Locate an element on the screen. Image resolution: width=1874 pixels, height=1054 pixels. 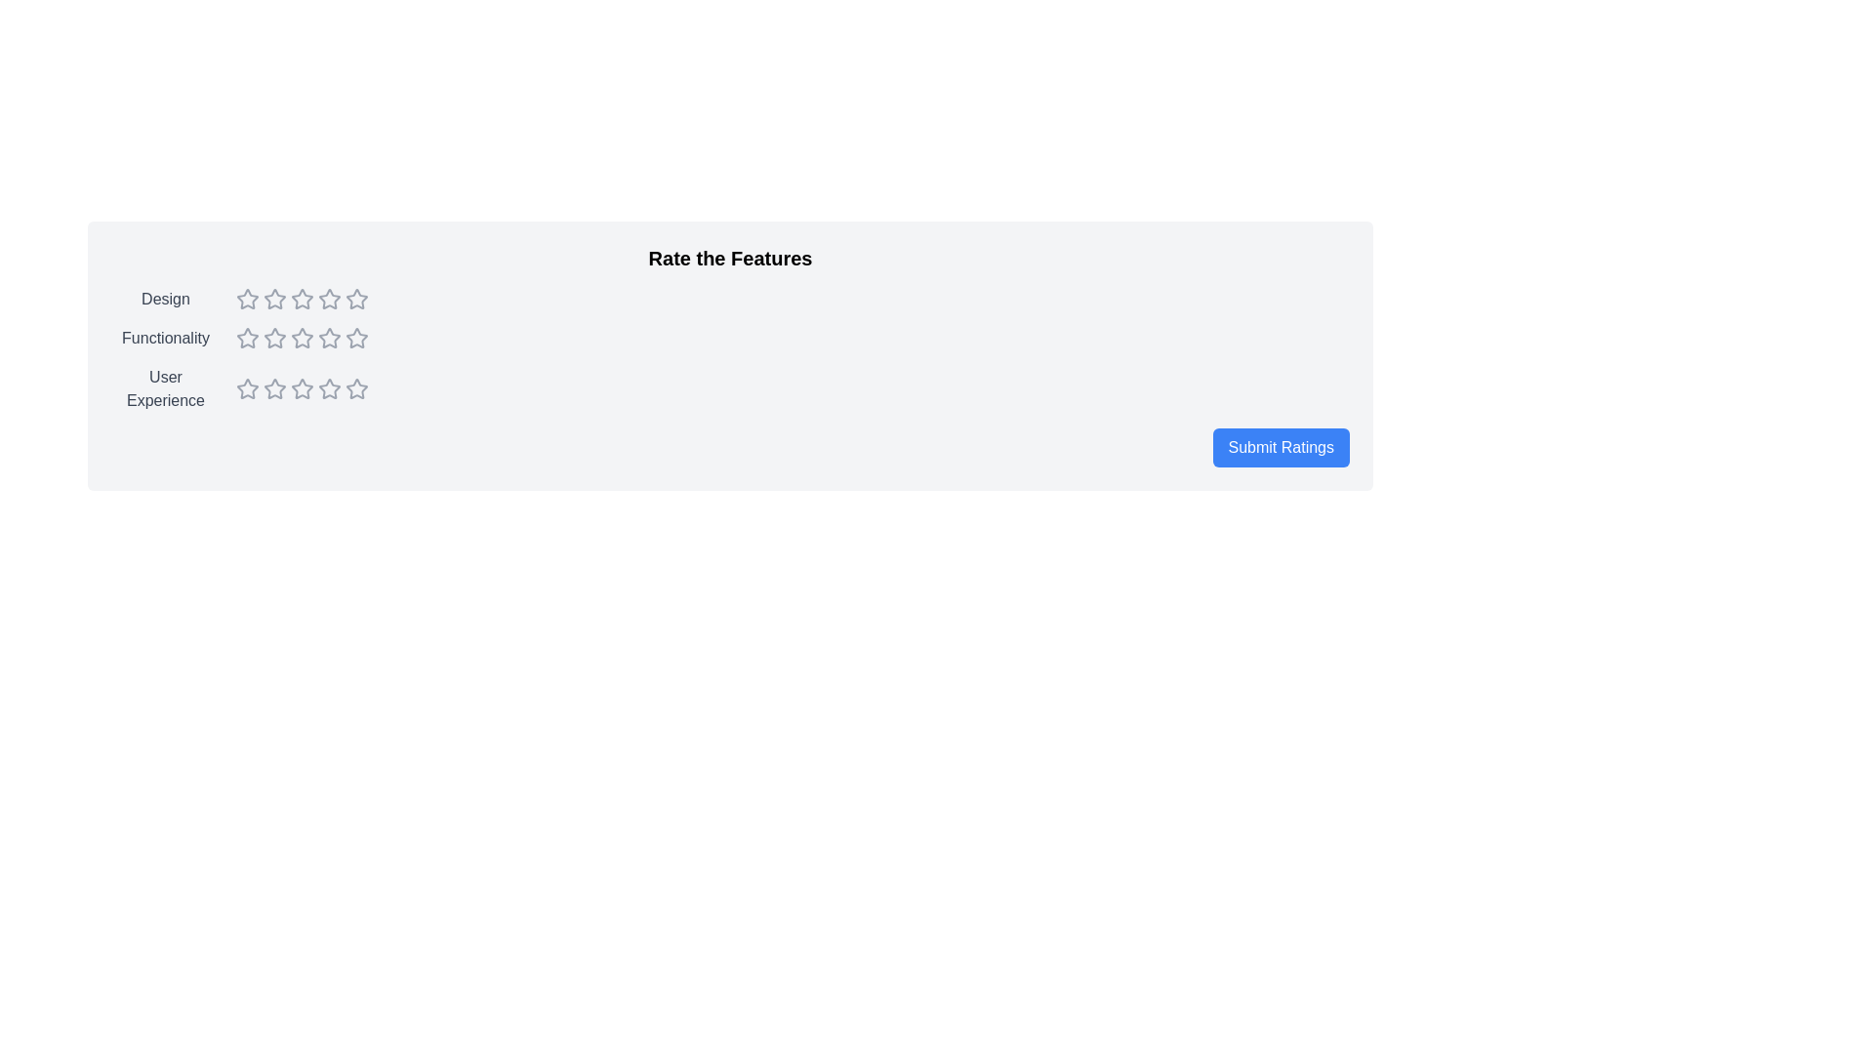
the third star icon is located at coordinates (329, 337).